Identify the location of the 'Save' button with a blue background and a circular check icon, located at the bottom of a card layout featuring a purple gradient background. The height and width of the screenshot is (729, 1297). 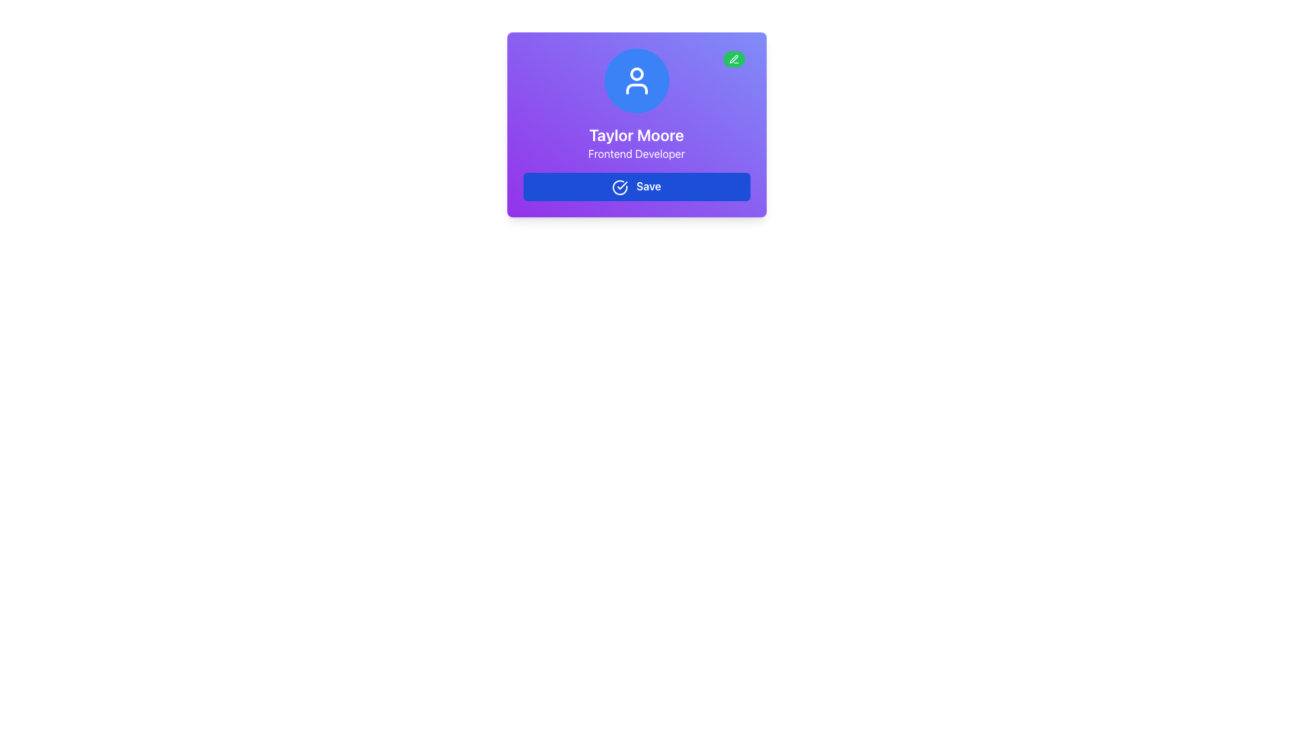
(636, 186).